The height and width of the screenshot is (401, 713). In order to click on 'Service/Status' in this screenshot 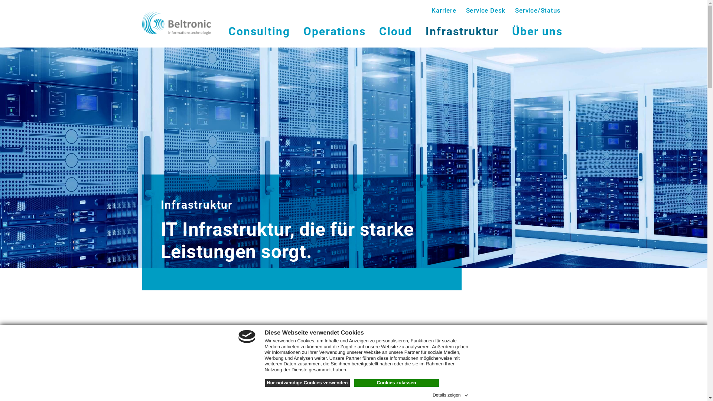, I will do `click(538, 13)`.